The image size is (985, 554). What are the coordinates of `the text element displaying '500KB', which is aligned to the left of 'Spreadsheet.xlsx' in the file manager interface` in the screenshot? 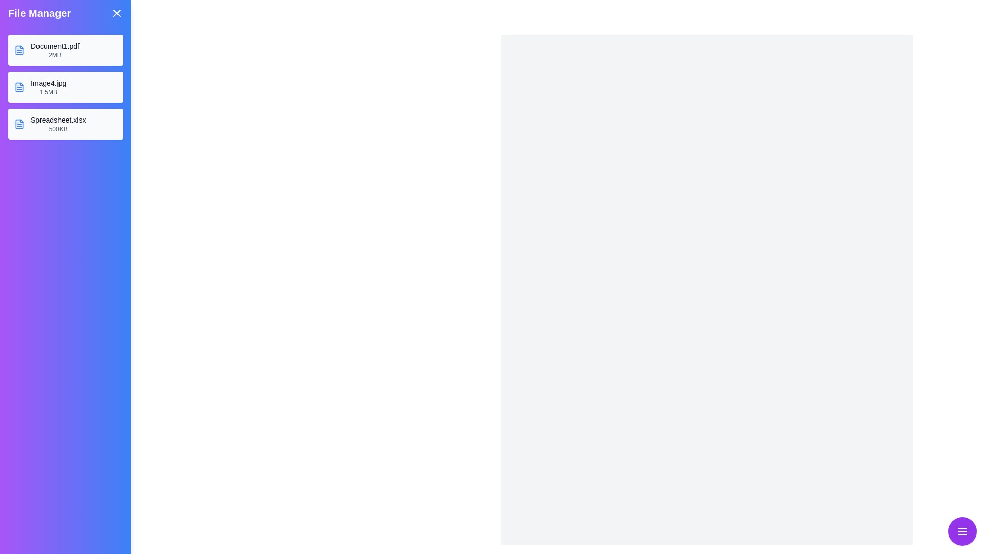 It's located at (57, 128).